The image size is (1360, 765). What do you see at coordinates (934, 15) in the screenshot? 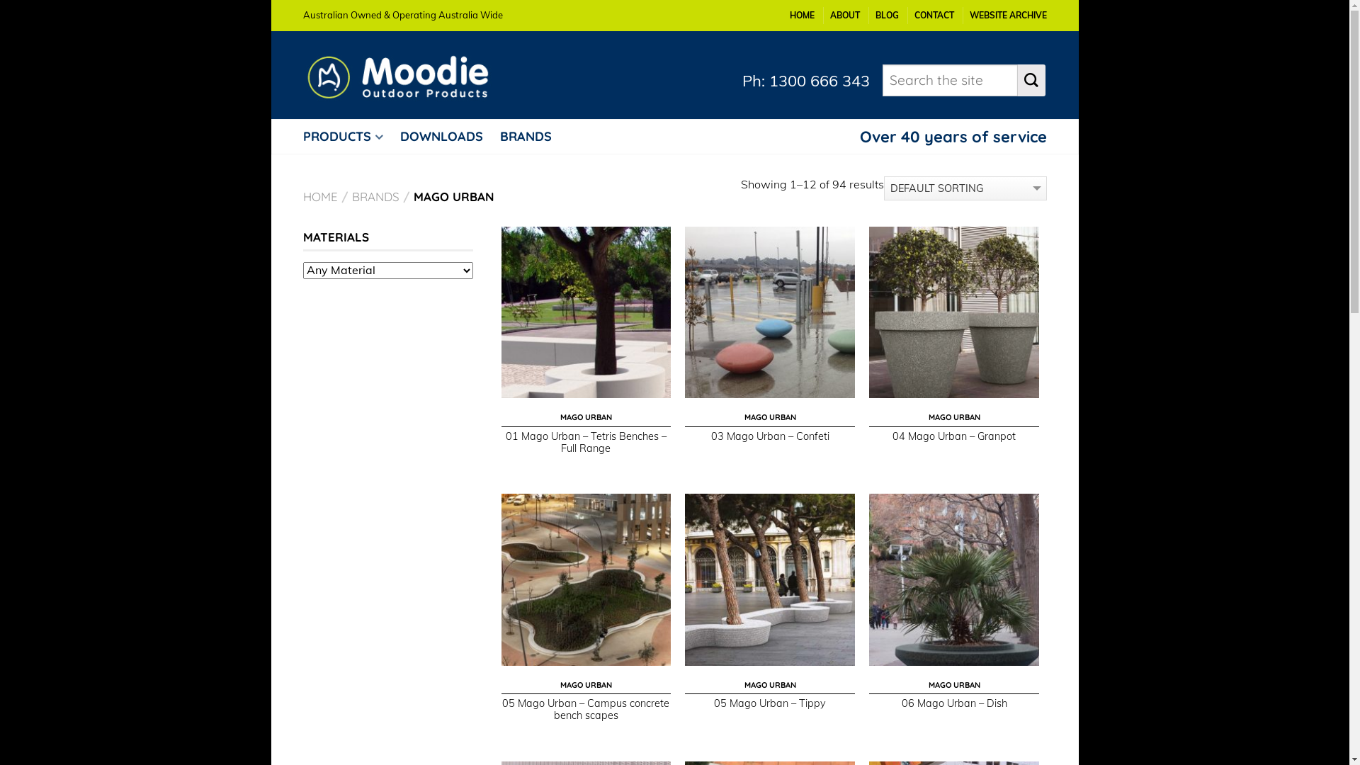
I see `'CONTACT'` at bounding box center [934, 15].